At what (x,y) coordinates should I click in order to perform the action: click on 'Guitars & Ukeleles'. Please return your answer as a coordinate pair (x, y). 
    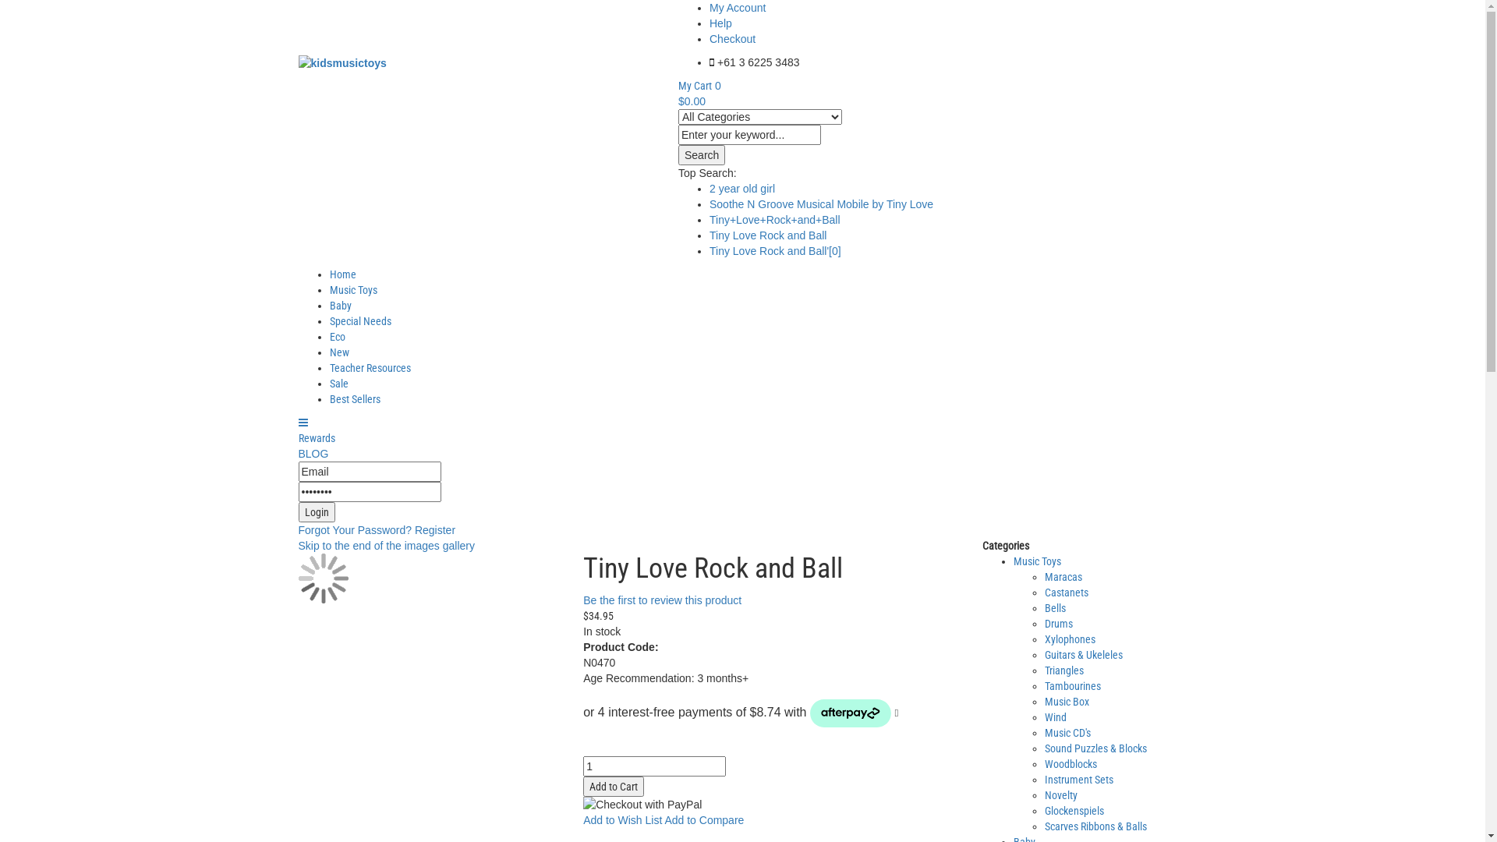
    Looking at the image, I should click on (1083, 655).